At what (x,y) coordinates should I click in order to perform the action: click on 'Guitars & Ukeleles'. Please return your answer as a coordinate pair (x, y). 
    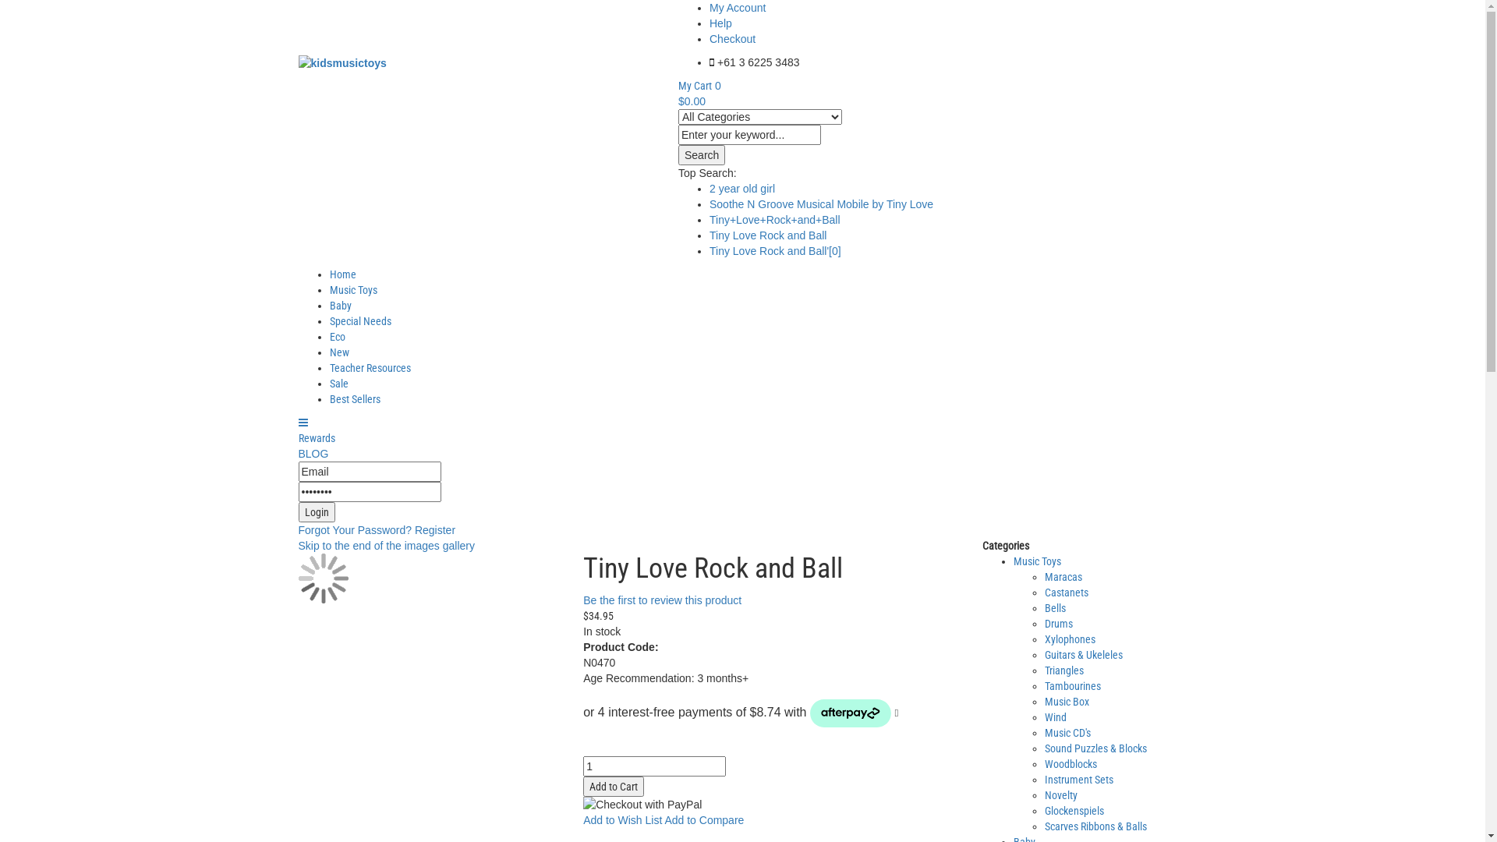
    Looking at the image, I should click on (1083, 655).